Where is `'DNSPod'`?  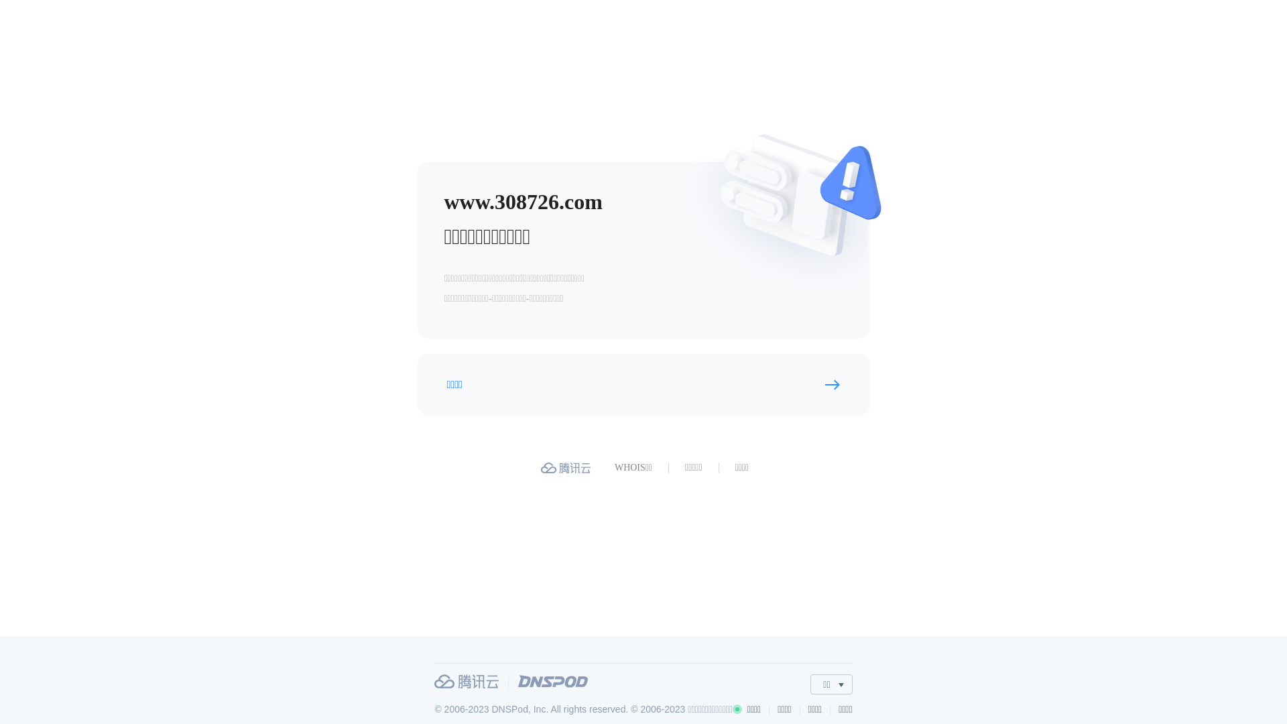
'DNSPod' is located at coordinates (517, 681).